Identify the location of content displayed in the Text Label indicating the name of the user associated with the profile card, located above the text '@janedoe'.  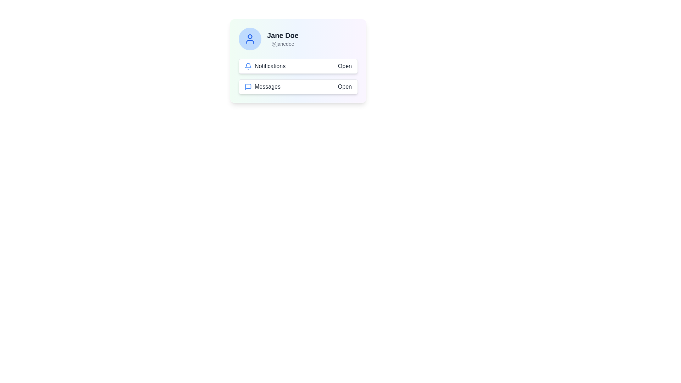
(282, 35).